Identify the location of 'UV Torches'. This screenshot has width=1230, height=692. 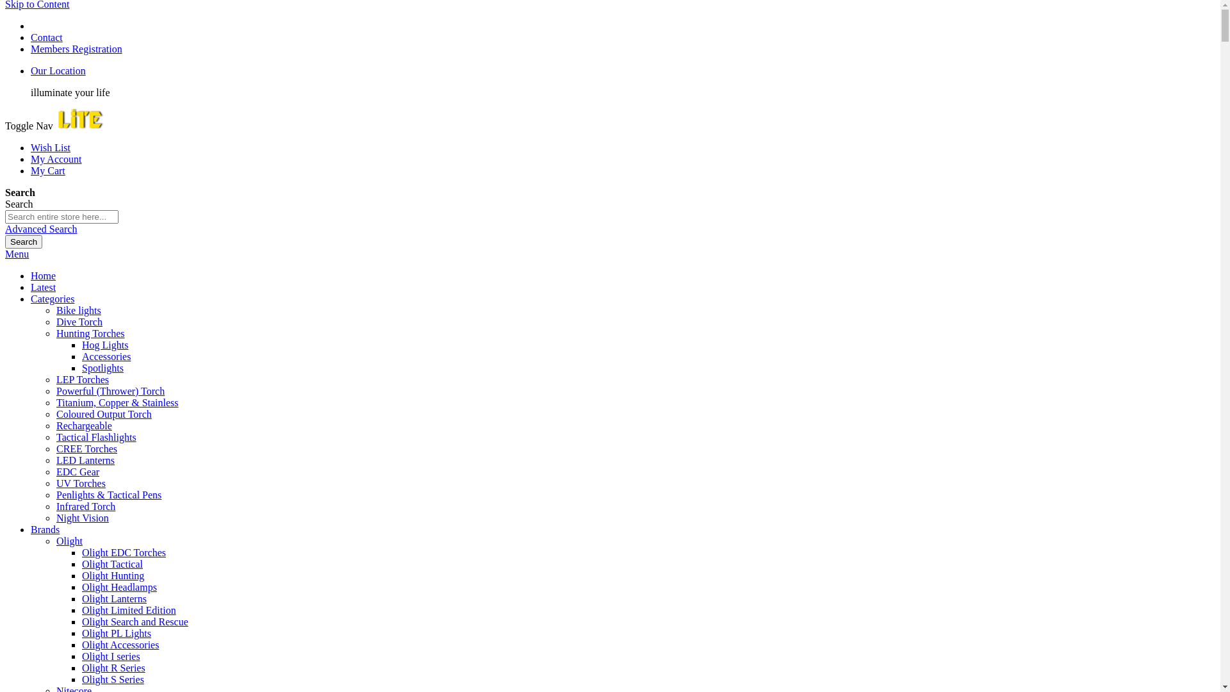
(55, 483).